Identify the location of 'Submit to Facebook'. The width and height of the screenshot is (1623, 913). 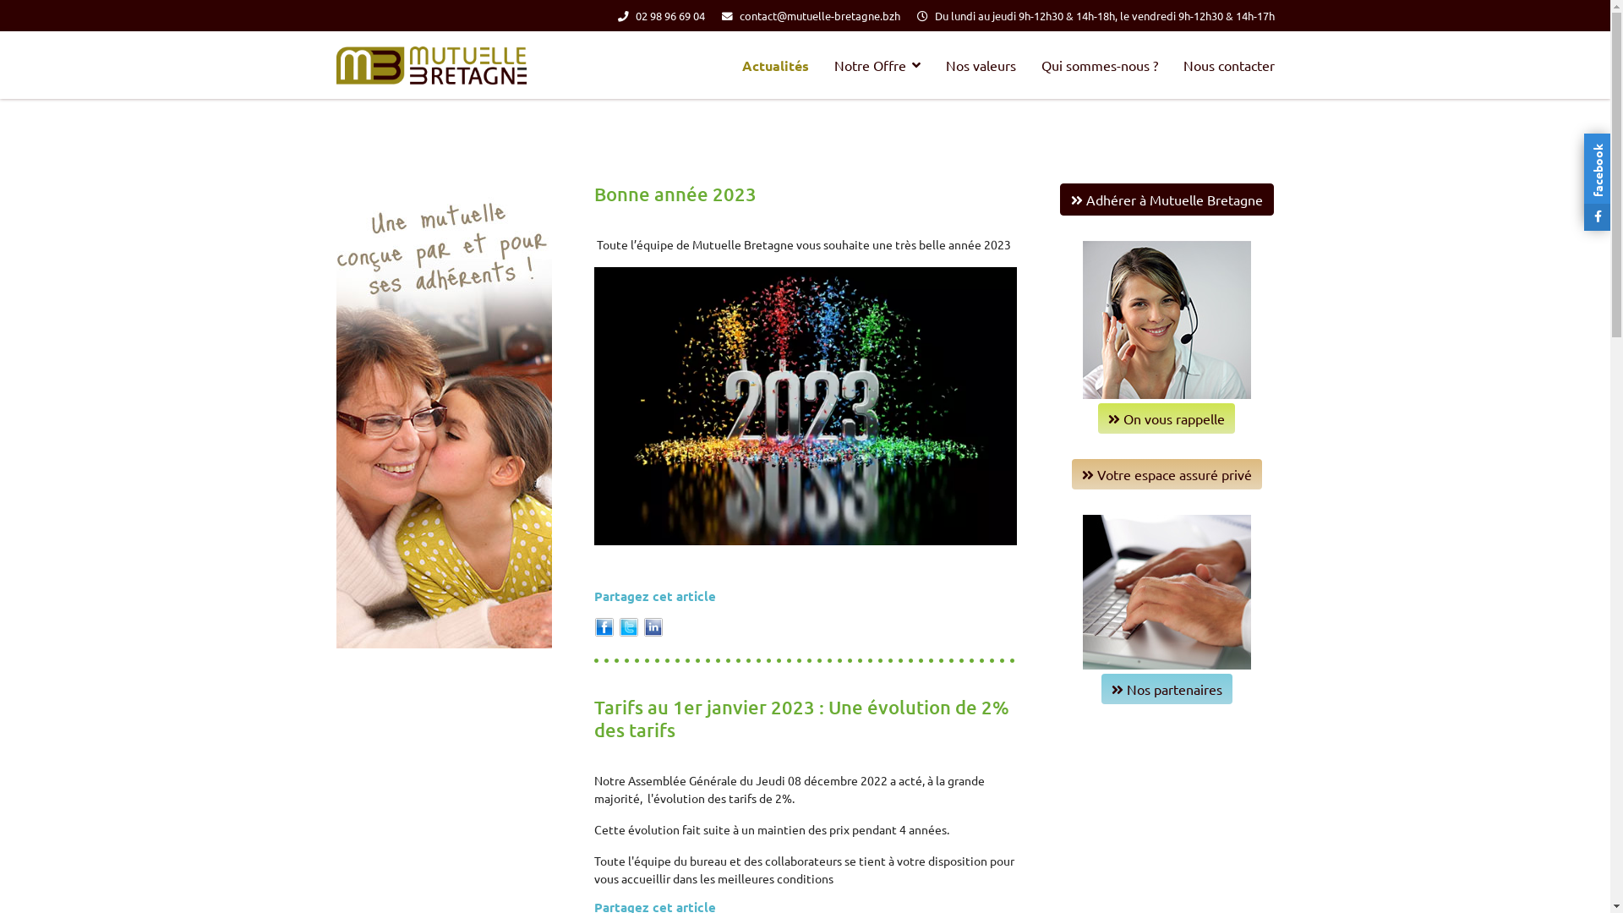
(604, 626).